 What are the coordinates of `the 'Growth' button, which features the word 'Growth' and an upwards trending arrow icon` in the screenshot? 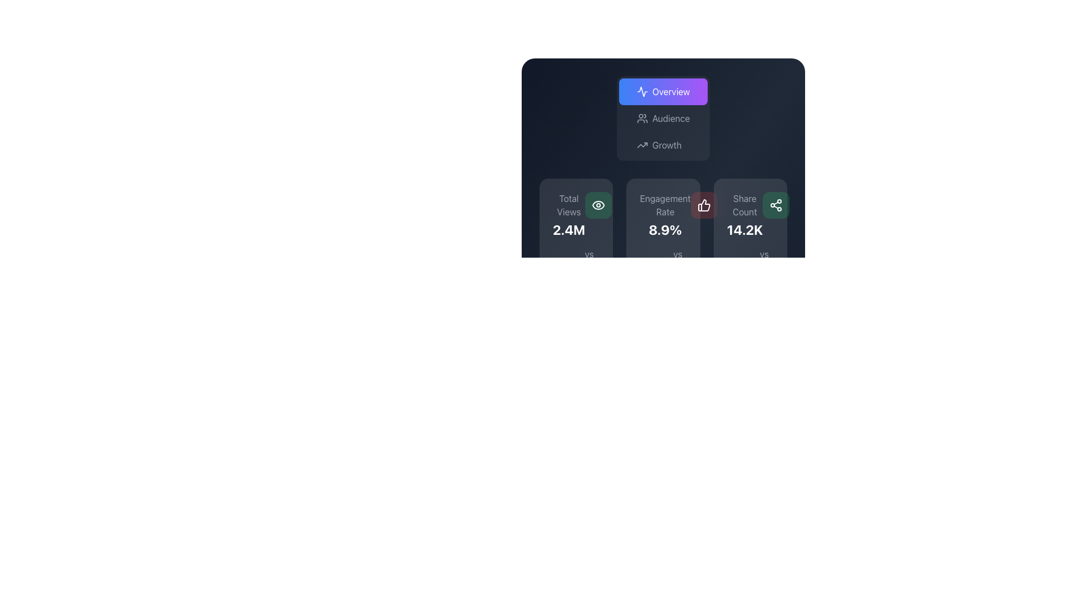 It's located at (659, 145).